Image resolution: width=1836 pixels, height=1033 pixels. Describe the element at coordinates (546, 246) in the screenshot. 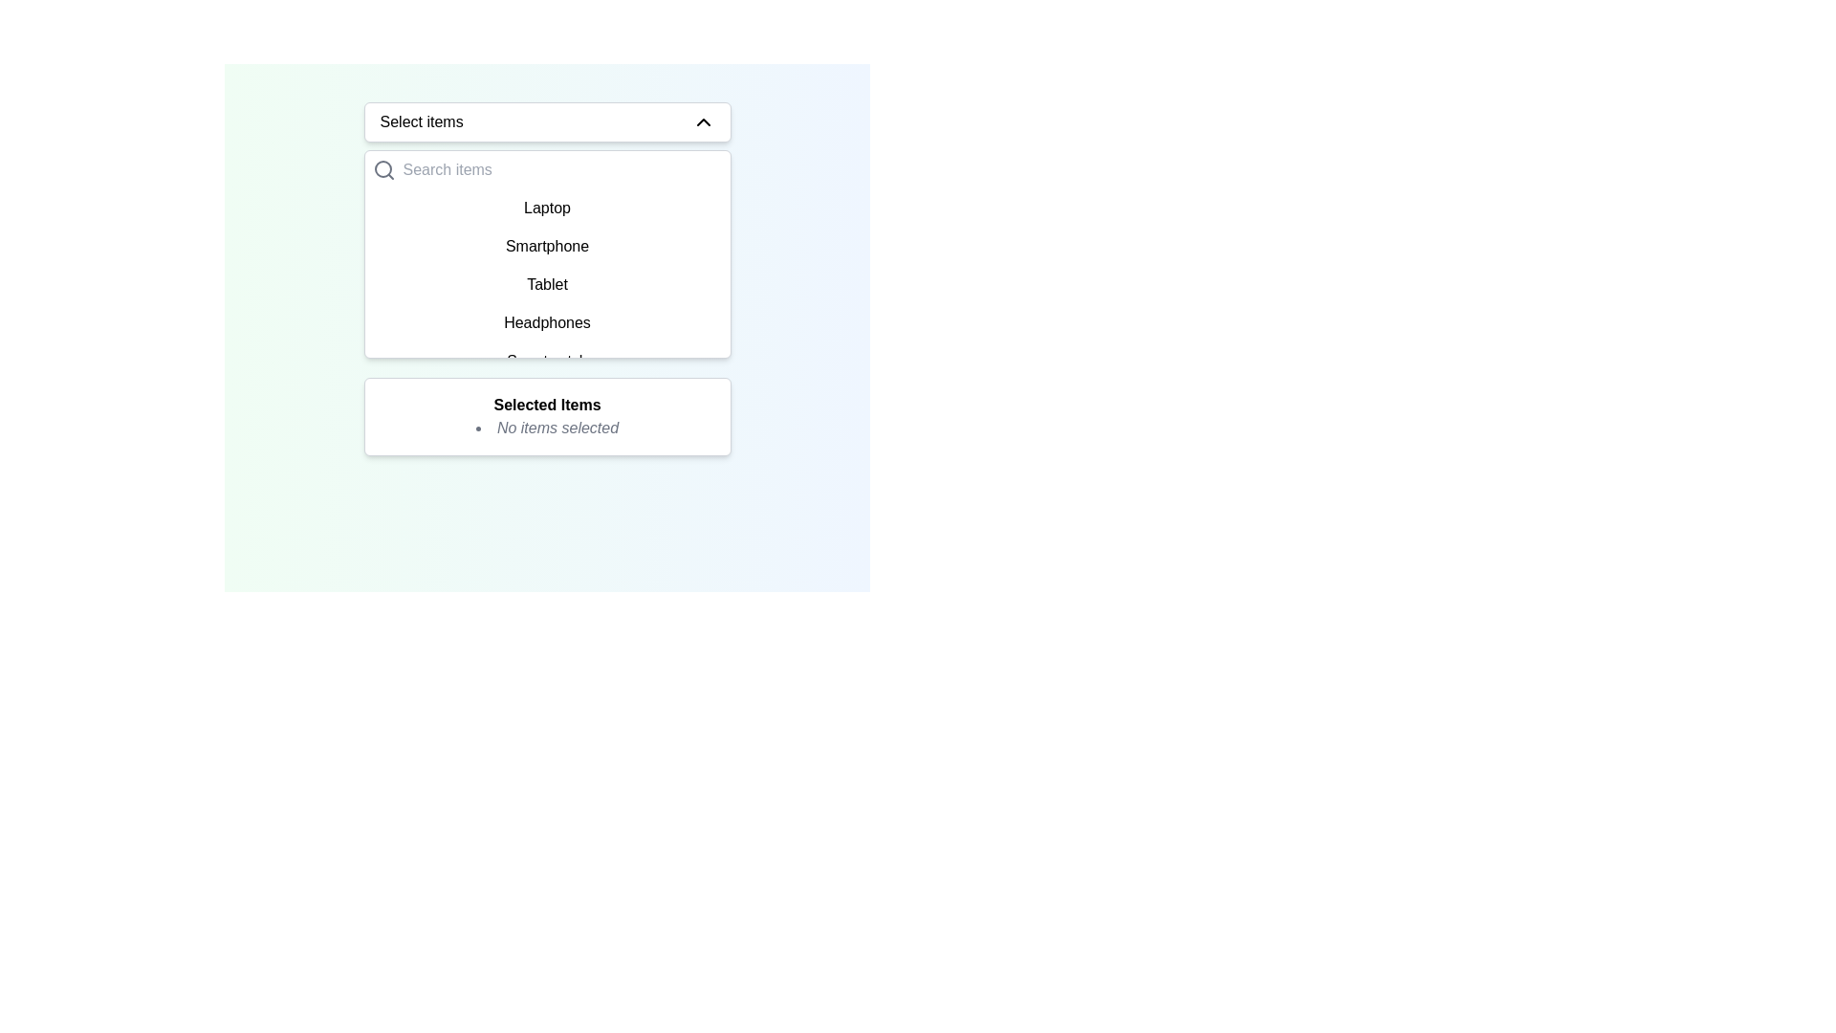

I see `the 'Smartphone' option in the dropdown menu, which is the second item listed below 'Laptop' and above 'Tablet'` at that location.